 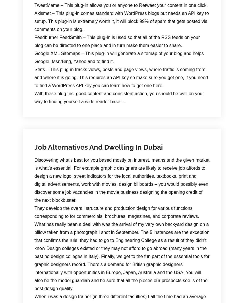 What do you see at coordinates (121, 77) in the screenshot?
I see `'Stats – This plug-in tracks views, posts and page views, where traffic is coming from and where it is going. This requires an API key so make sure you get one, if you need to find a WordPress API key you can learn how to get one here.'` at bounding box center [121, 77].